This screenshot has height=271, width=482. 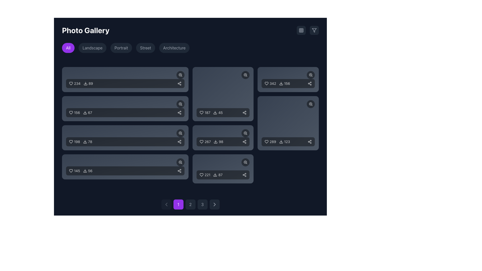 What do you see at coordinates (301, 30) in the screenshot?
I see `the button with a dark background and rounded corners that has a grid-like icon, located at the top-right corner of the interface` at bounding box center [301, 30].